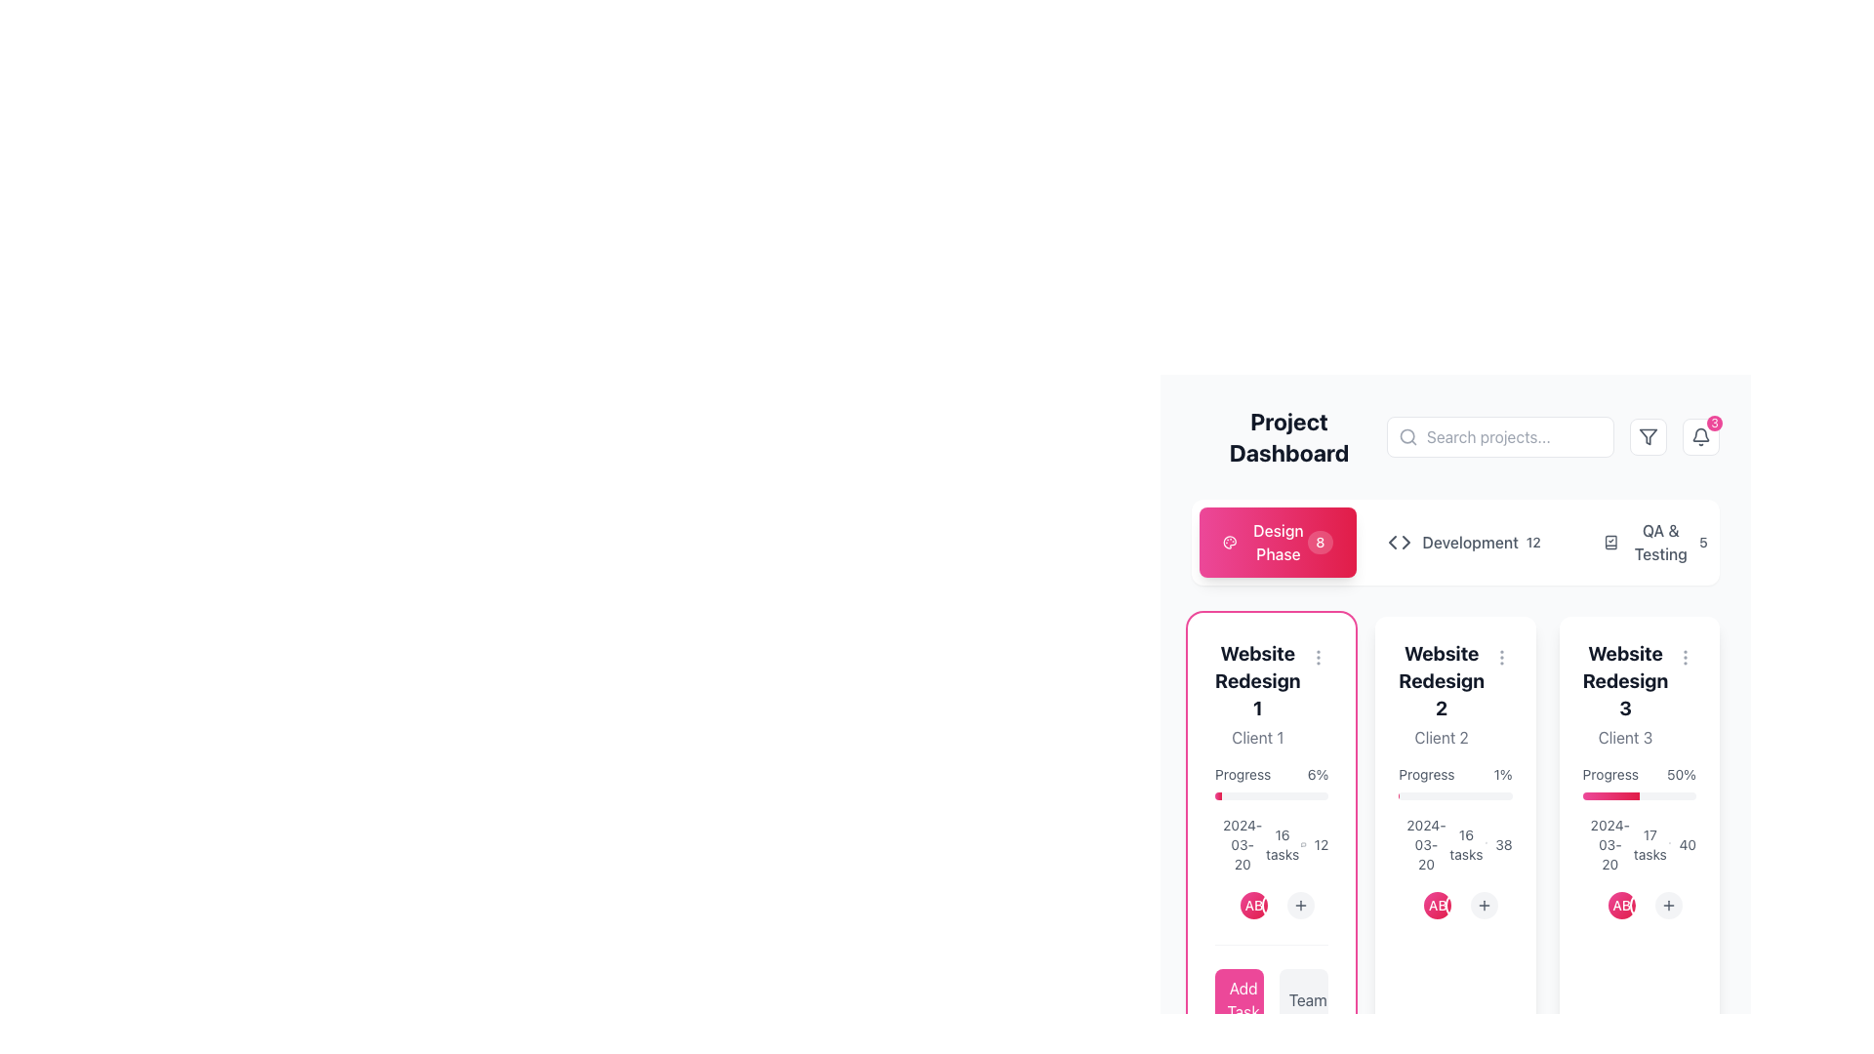 The height and width of the screenshot is (1054, 1874). Describe the element at coordinates (1485, 844) in the screenshot. I see `the small square icon resembling a speech bubble located to the left of the text number '38' within the card labeled 'Website Redesign 2'` at that location.